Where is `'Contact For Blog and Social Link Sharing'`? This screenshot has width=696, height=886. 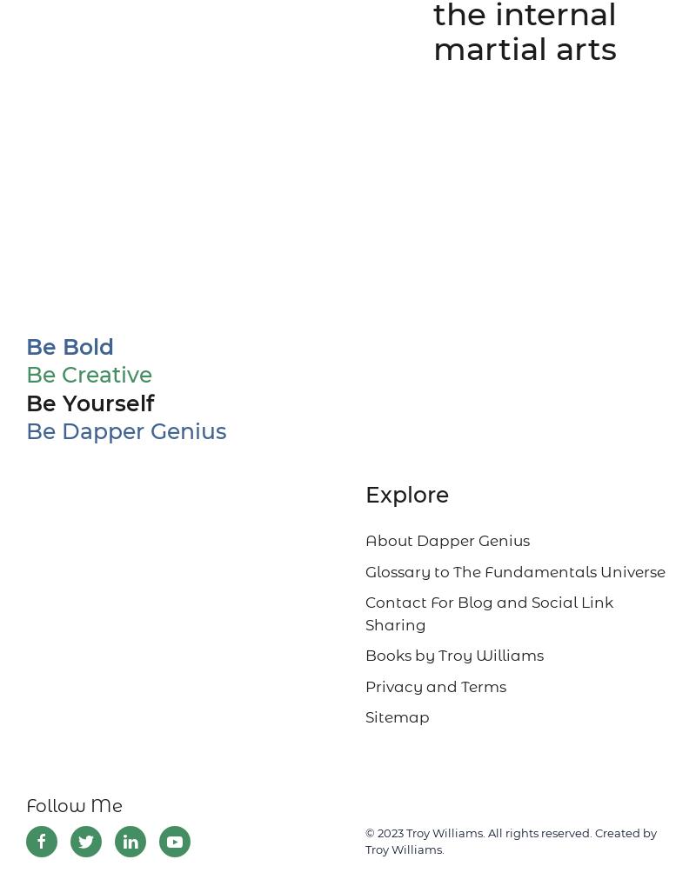 'Contact For Blog and Social Link Sharing' is located at coordinates (489, 613).